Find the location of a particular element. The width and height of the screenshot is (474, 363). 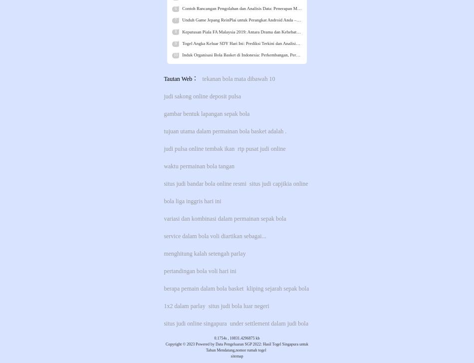

'waktu permainan bola tangan' is located at coordinates (199, 166).